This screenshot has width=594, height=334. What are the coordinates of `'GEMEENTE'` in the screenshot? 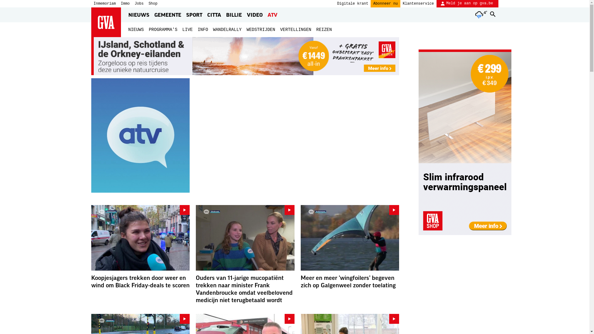 It's located at (167, 14).